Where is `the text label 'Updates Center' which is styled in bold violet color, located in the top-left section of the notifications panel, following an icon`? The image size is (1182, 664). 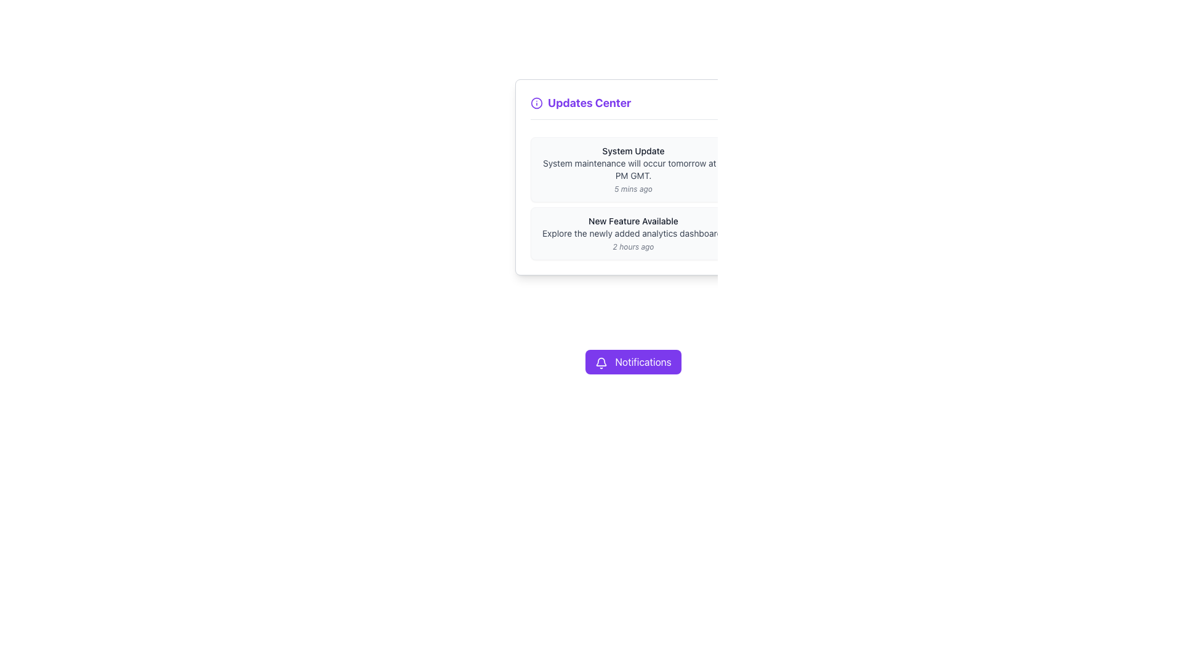
the text label 'Updates Center' which is styled in bold violet color, located in the top-left section of the notifications panel, following an icon is located at coordinates (580, 103).